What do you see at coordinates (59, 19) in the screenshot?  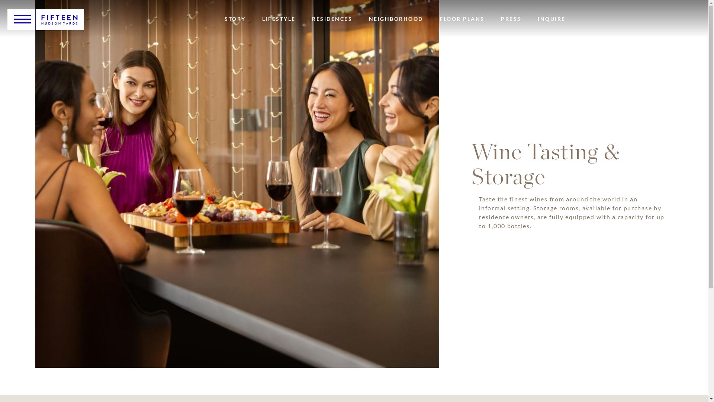 I see `'Logo'` at bounding box center [59, 19].